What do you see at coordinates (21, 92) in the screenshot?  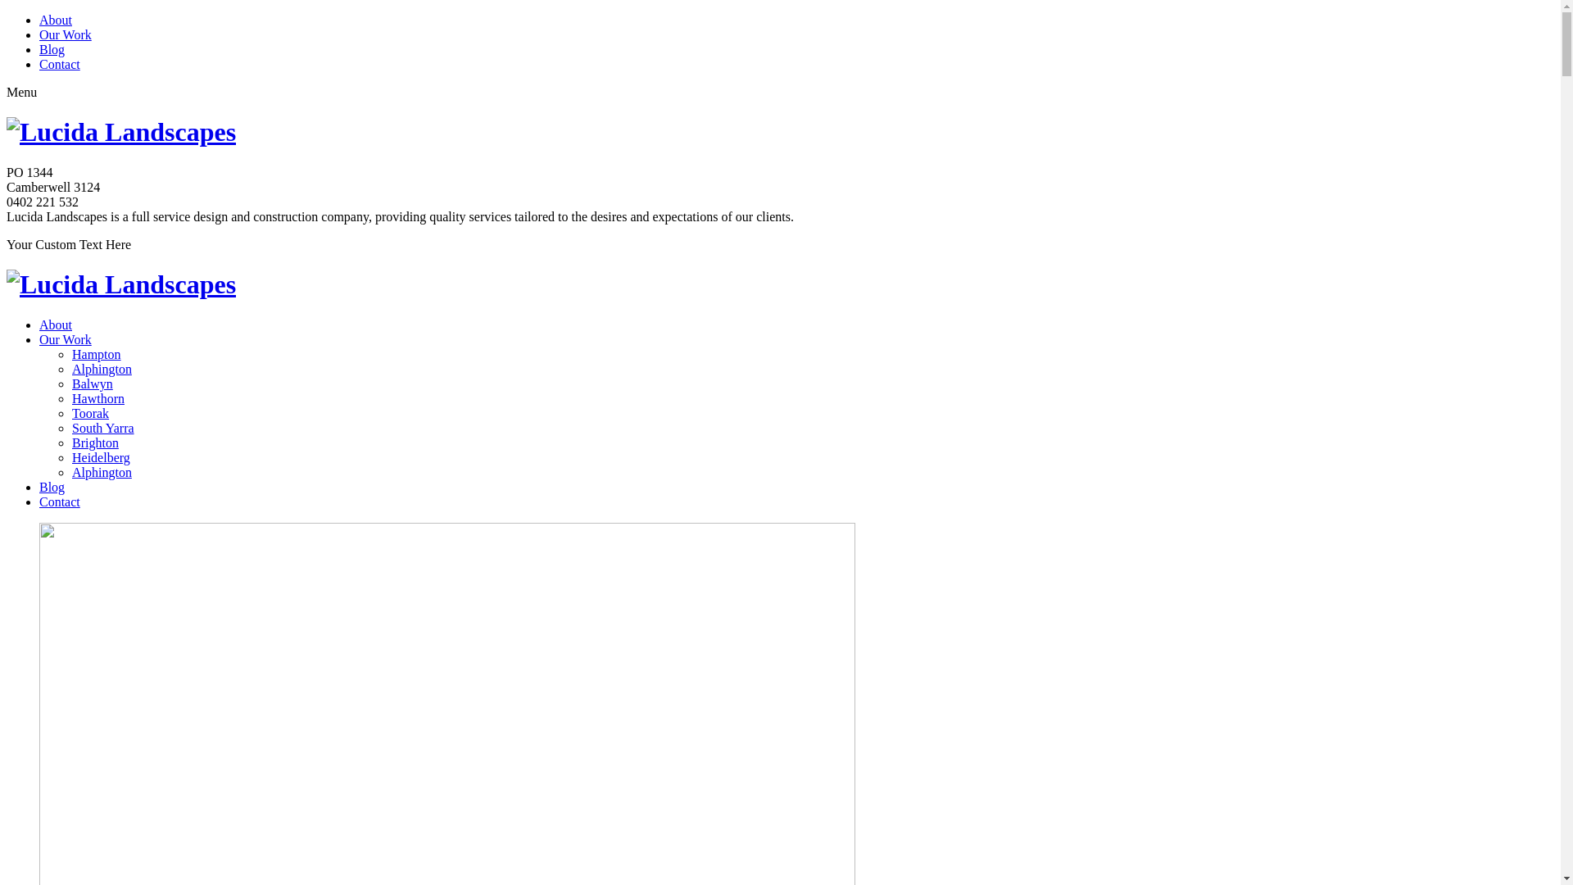 I see `'Menu'` at bounding box center [21, 92].